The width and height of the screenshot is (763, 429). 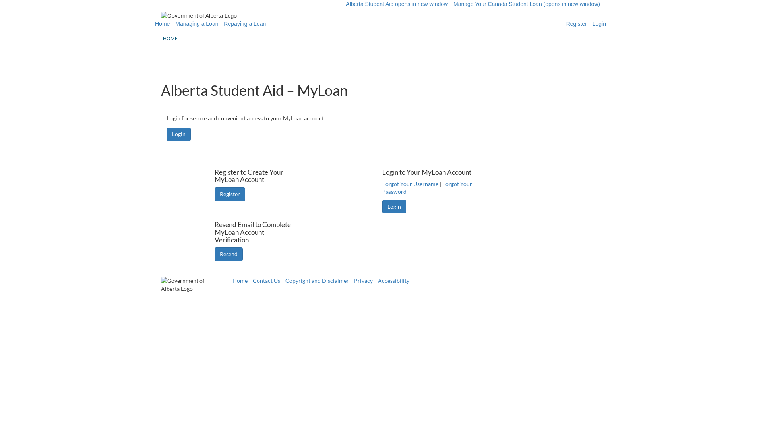 I want to click on 'Login', so click(x=599, y=23).